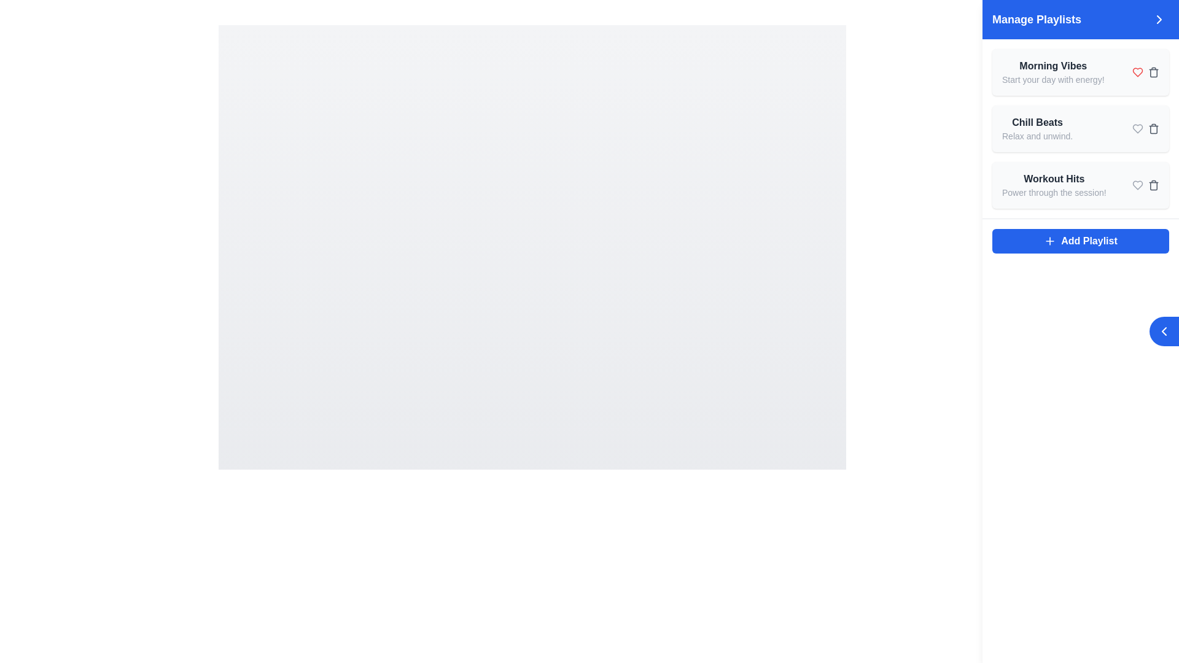 The width and height of the screenshot is (1179, 663). What do you see at coordinates (1037, 128) in the screenshot?
I see `the text display element labeled 'Chill Beats' which shows 'Relax and unwind.' below it, located in the second slot under 'Manage Playlists'` at bounding box center [1037, 128].